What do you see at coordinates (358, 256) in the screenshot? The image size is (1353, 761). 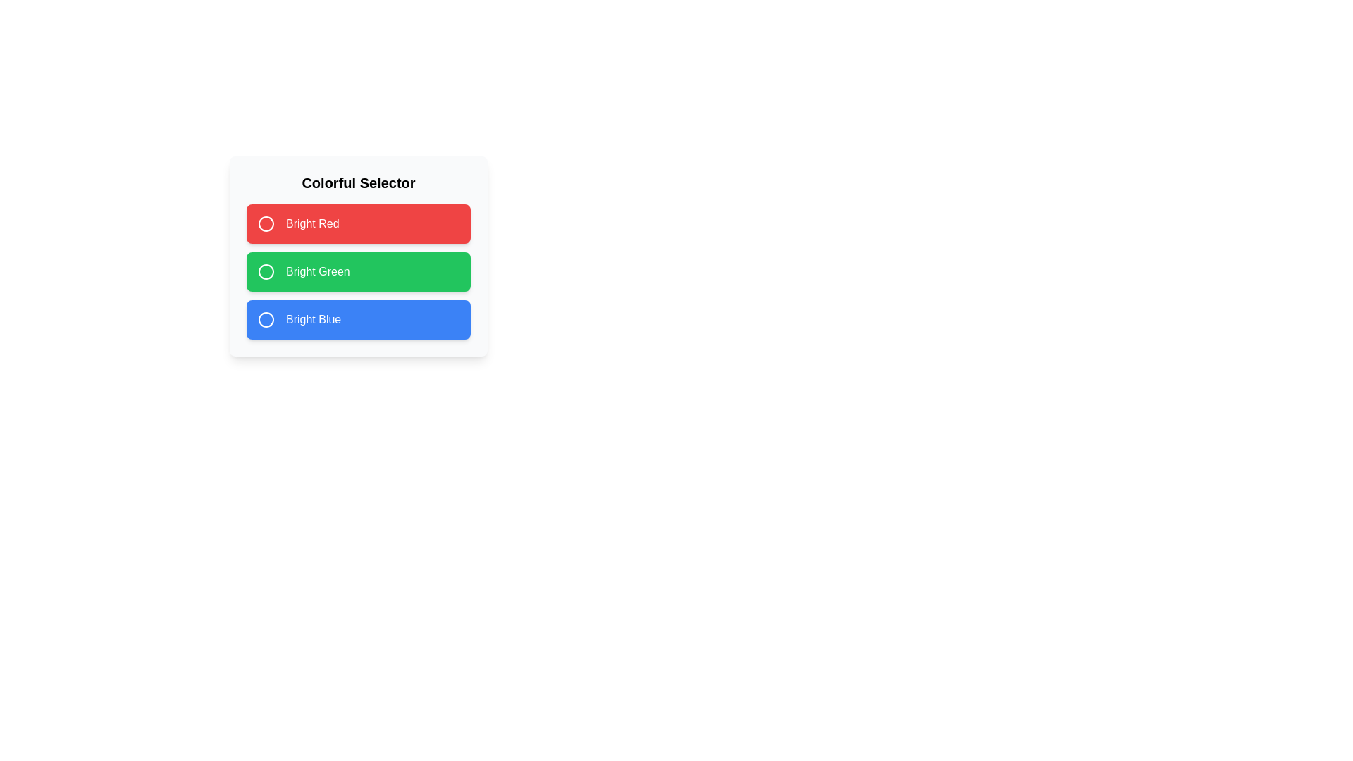 I see `the 'Bright Green' button located under the 'Colorful Selector' heading` at bounding box center [358, 256].